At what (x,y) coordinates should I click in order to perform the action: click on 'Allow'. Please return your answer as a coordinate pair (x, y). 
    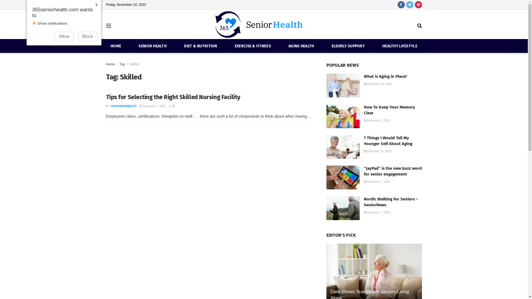
    Looking at the image, I should click on (64, 36).